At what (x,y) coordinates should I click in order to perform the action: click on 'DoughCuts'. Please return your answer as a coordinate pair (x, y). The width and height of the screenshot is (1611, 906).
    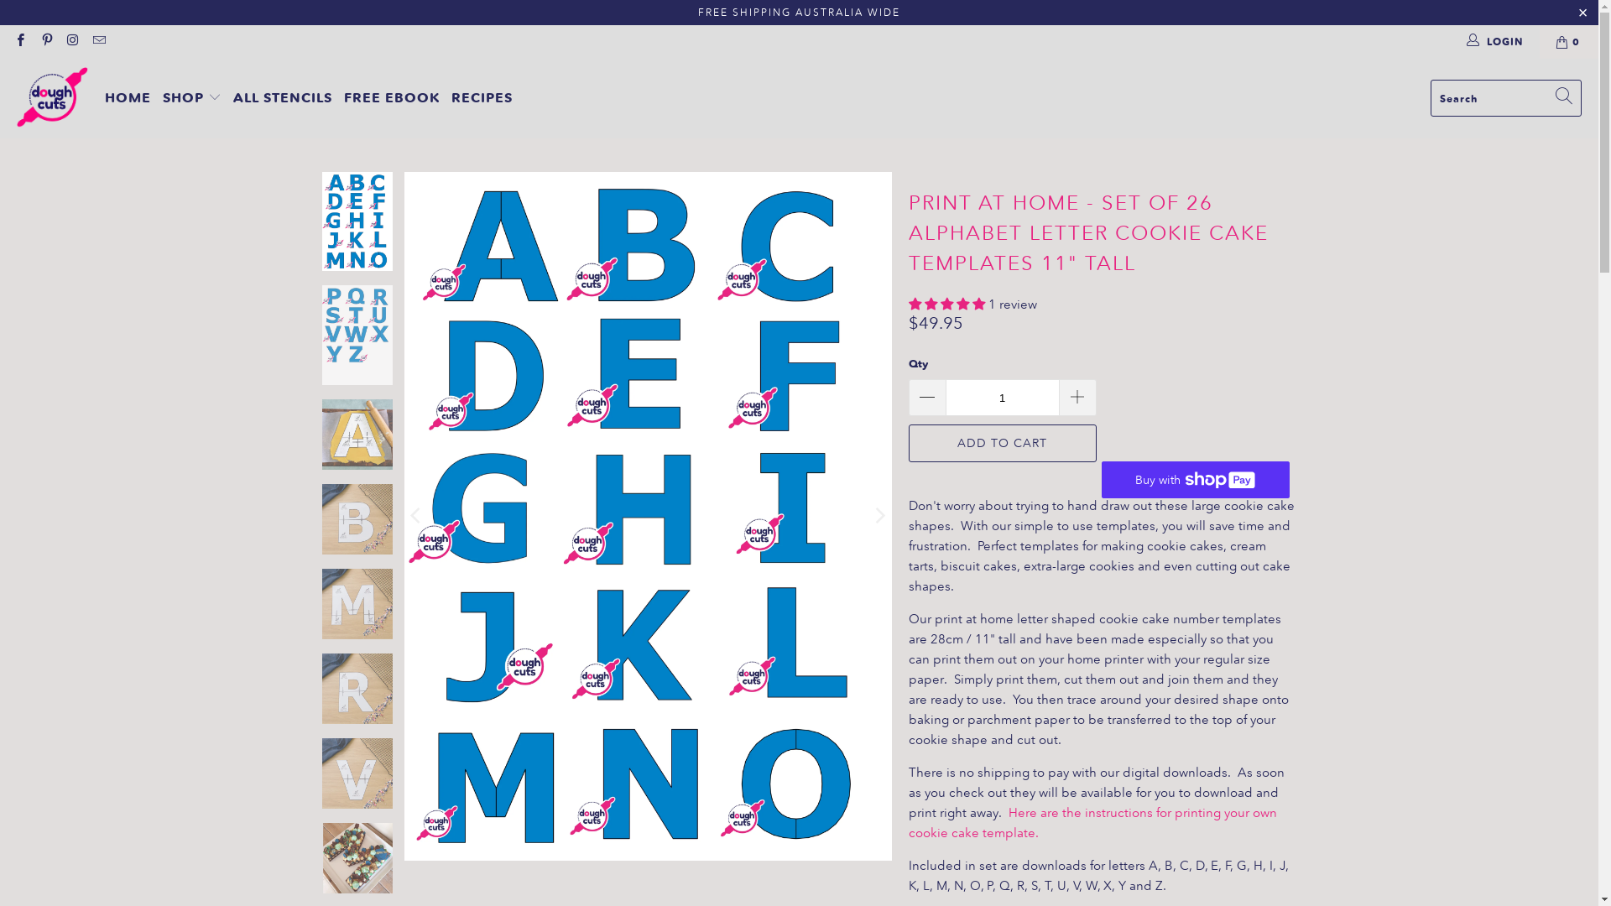
    Looking at the image, I should click on (52, 98).